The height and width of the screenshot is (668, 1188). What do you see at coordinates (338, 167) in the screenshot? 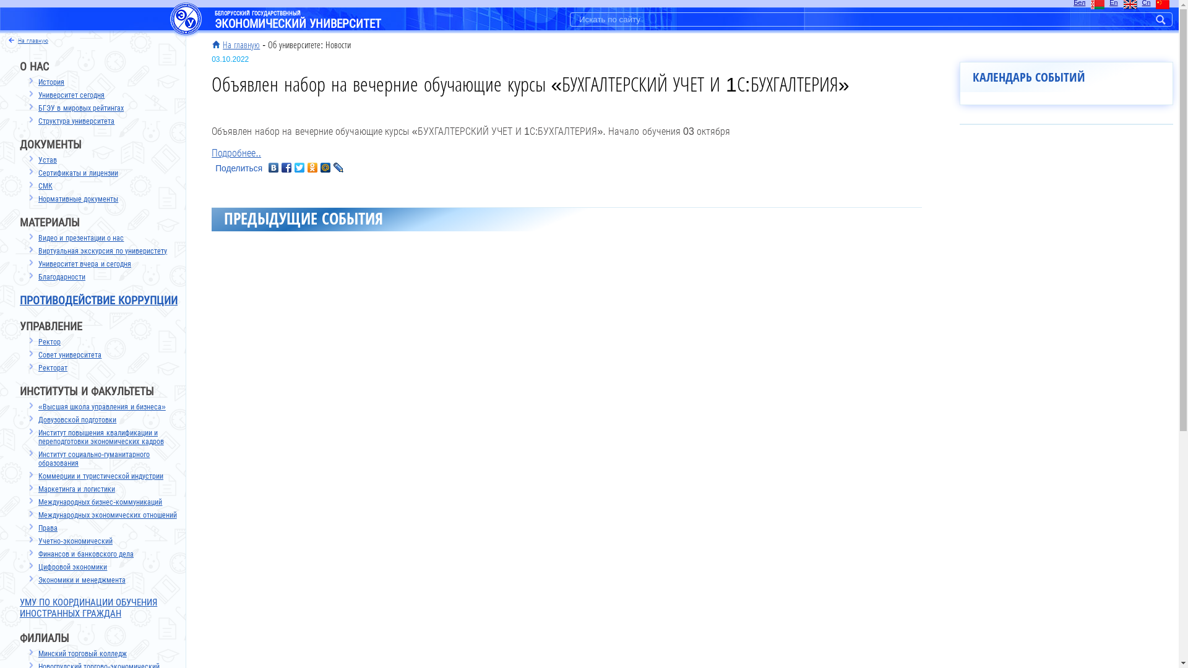
I see `'LiveJournal'` at bounding box center [338, 167].